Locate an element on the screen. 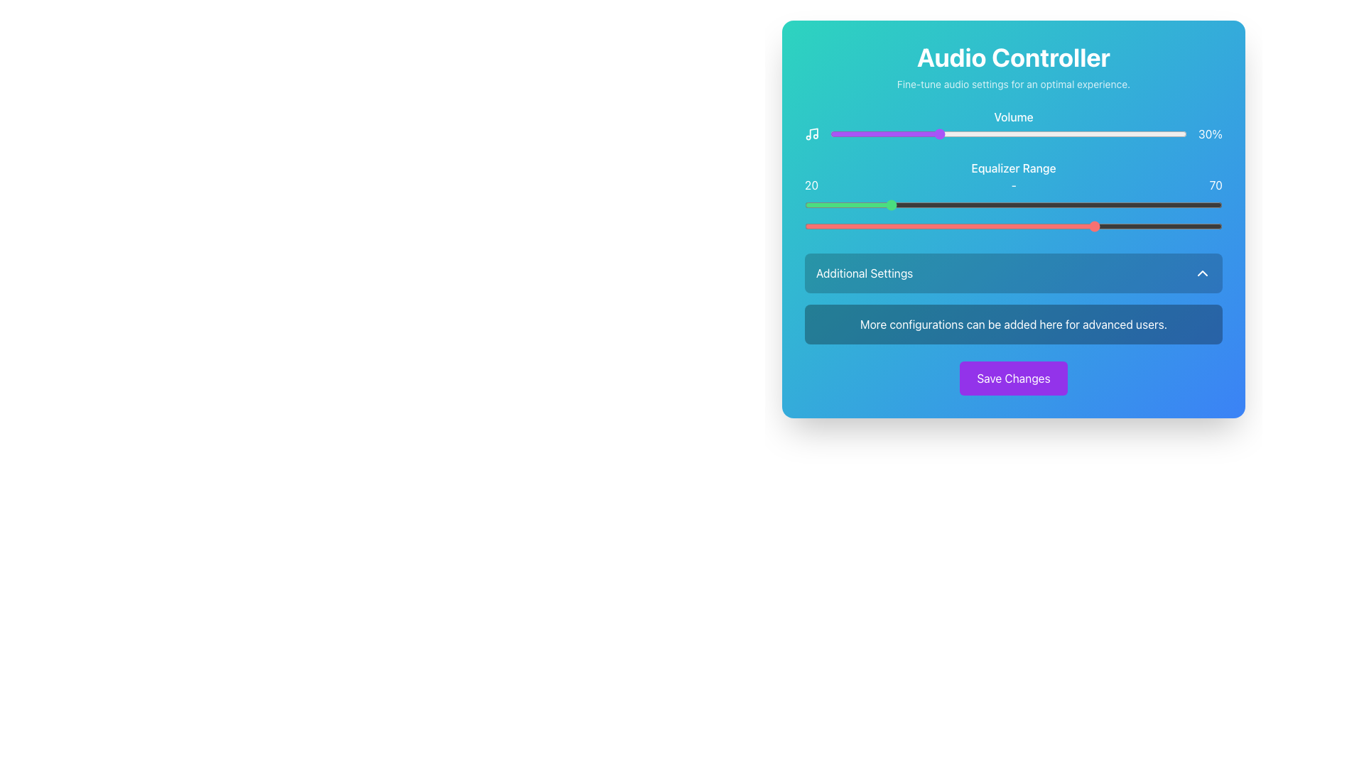 The height and width of the screenshot is (767, 1364). the slider is located at coordinates (1090, 134).